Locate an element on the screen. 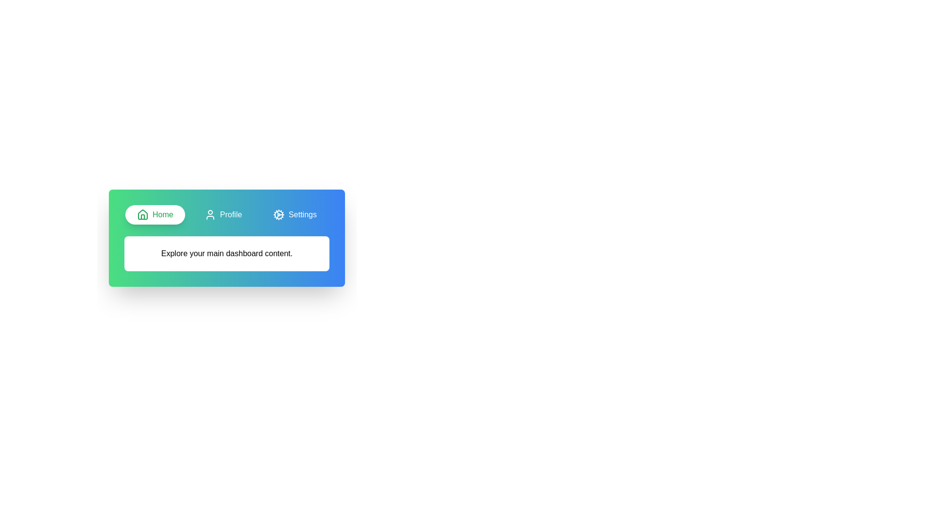 The height and width of the screenshot is (525, 933). the Home tab to activate it is located at coordinates (155, 214).